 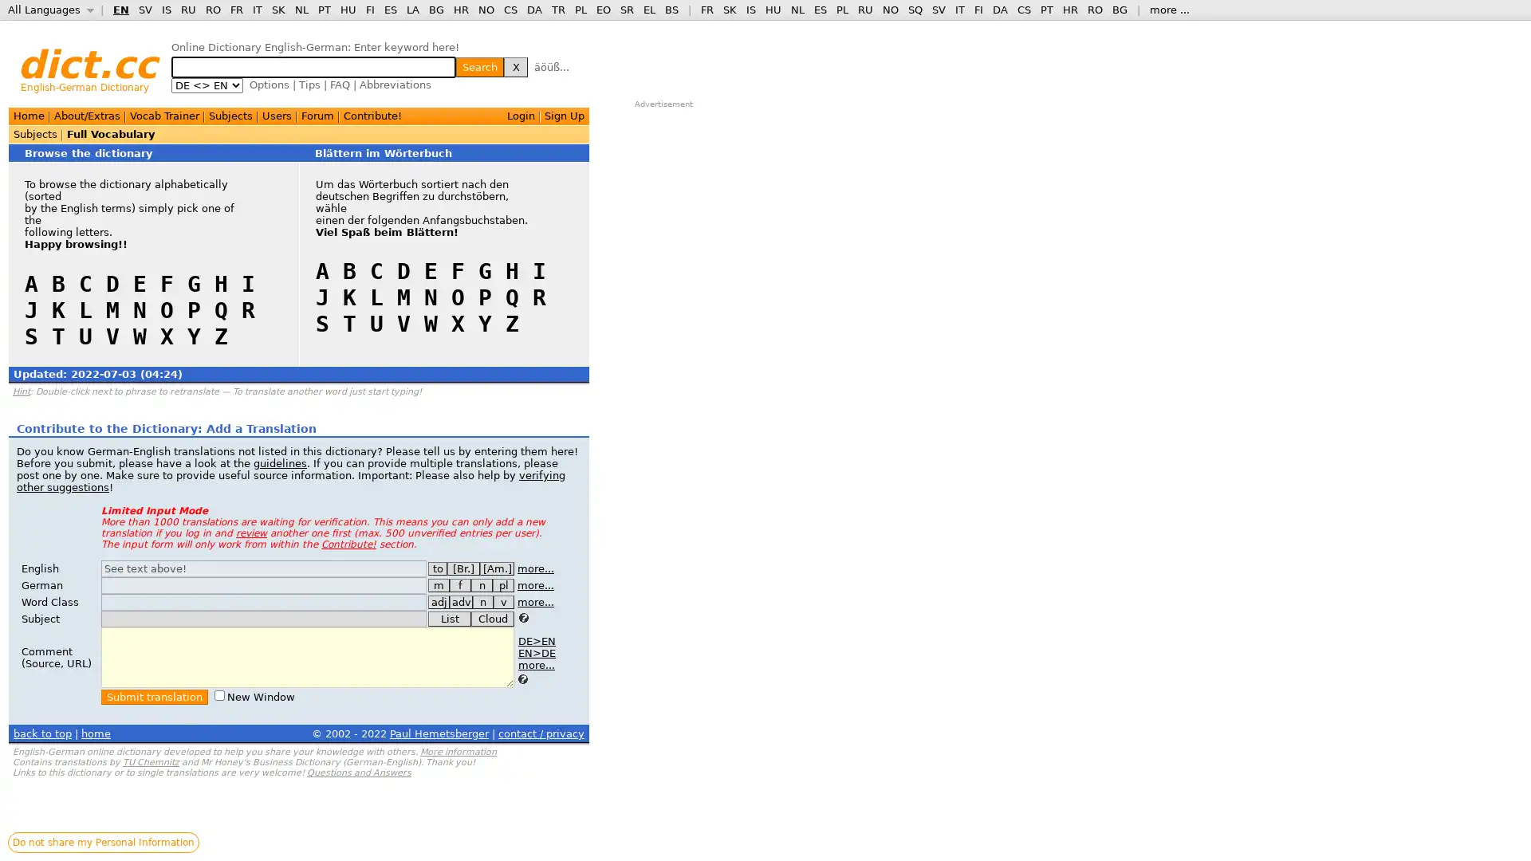 What do you see at coordinates (478, 66) in the screenshot?
I see `Search` at bounding box center [478, 66].